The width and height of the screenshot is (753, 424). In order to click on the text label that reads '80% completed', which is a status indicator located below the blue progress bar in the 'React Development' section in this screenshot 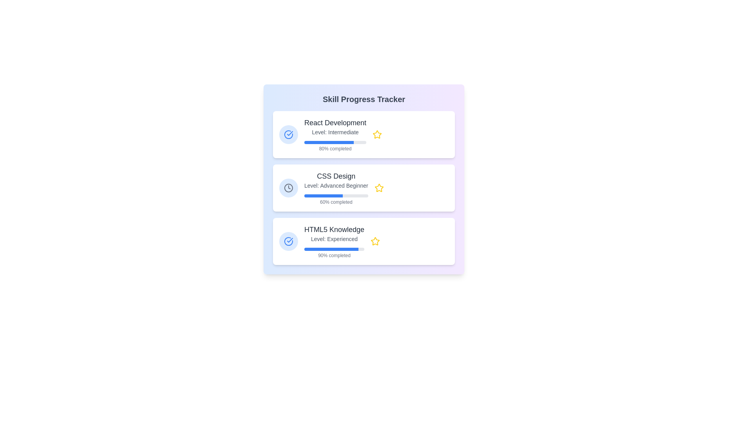, I will do `click(335, 148)`.